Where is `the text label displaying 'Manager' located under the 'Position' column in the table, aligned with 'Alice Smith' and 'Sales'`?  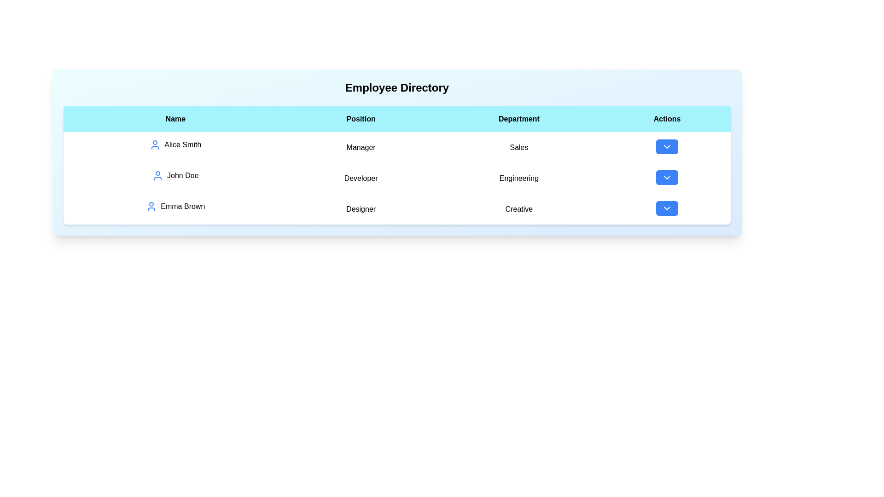 the text label displaying 'Manager' located under the 'Position' column in the table, aligned with 'Alice Smith' and 'Sales' is located at coordinates (361, 147).